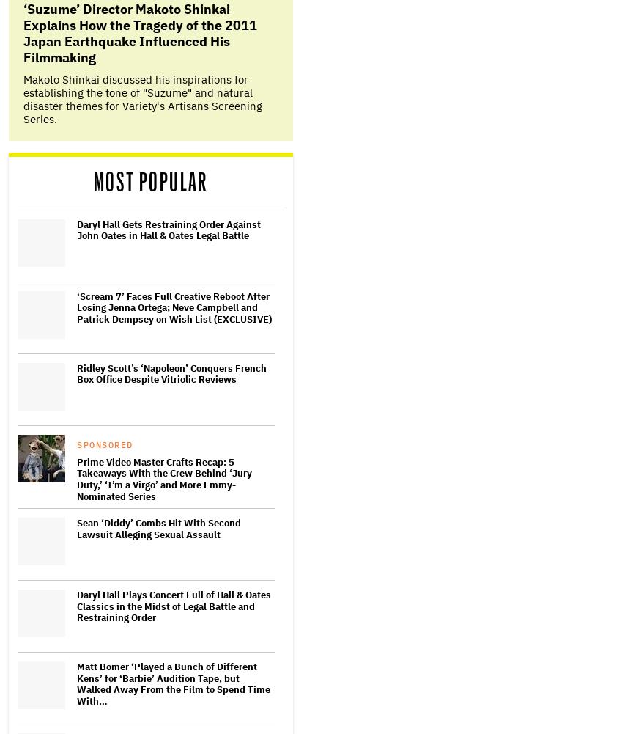 This screenshot has height=734, width=622. I want to click on 'Daryl Hall Gets Restraining Order Against John Oates in Hall & Oates Legal Battle', so click(168, 230).